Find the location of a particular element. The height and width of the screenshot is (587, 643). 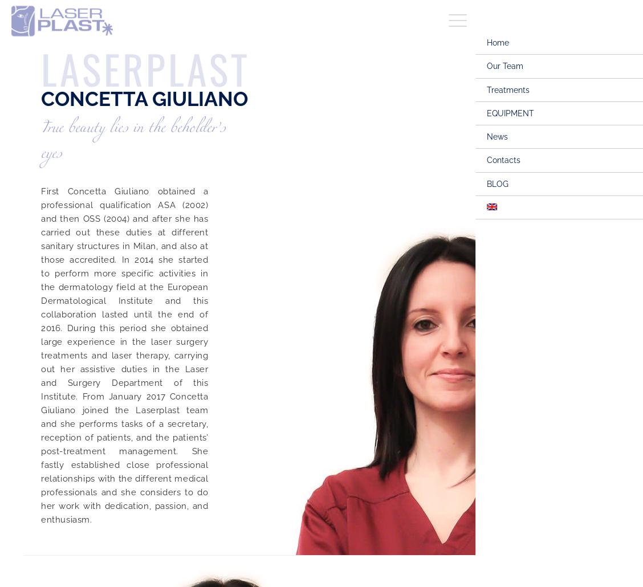

'News' is located at coordinates (486, 136).